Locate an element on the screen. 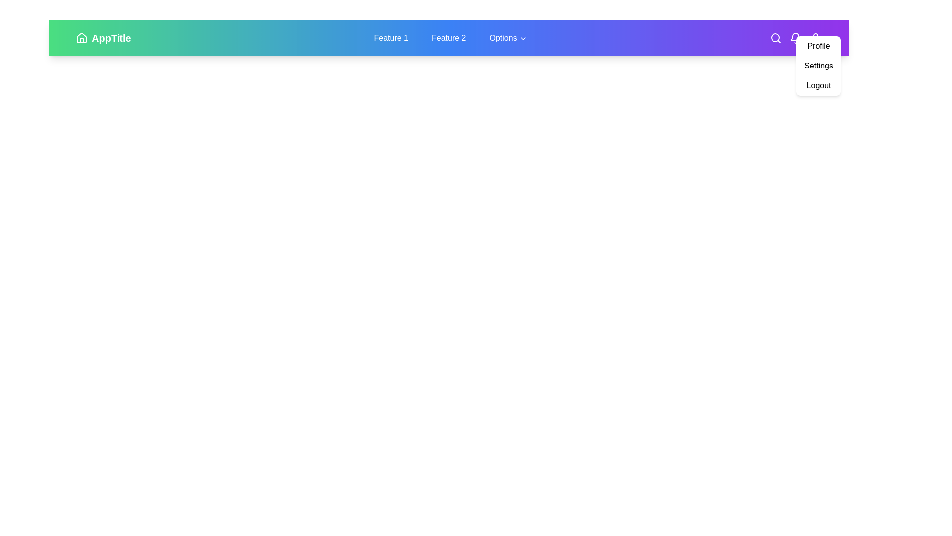  the User icon to perform its action is located at coordinates (816, 38).